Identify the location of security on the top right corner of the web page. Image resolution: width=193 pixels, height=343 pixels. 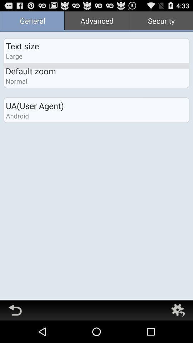
(160, 21).